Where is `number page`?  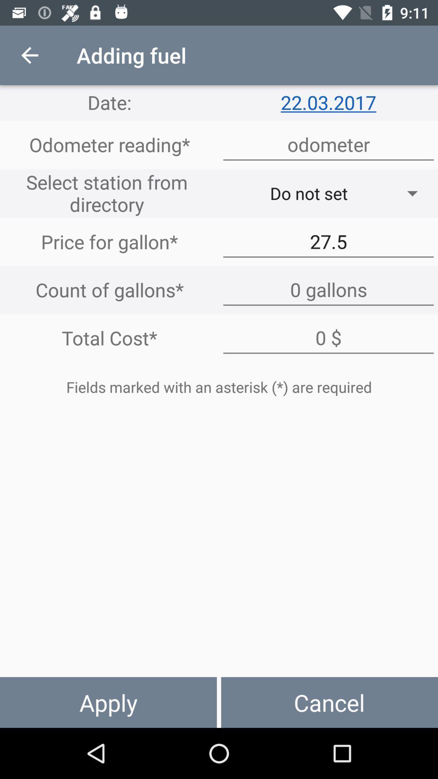 number page is located at coordinates (328, 144).